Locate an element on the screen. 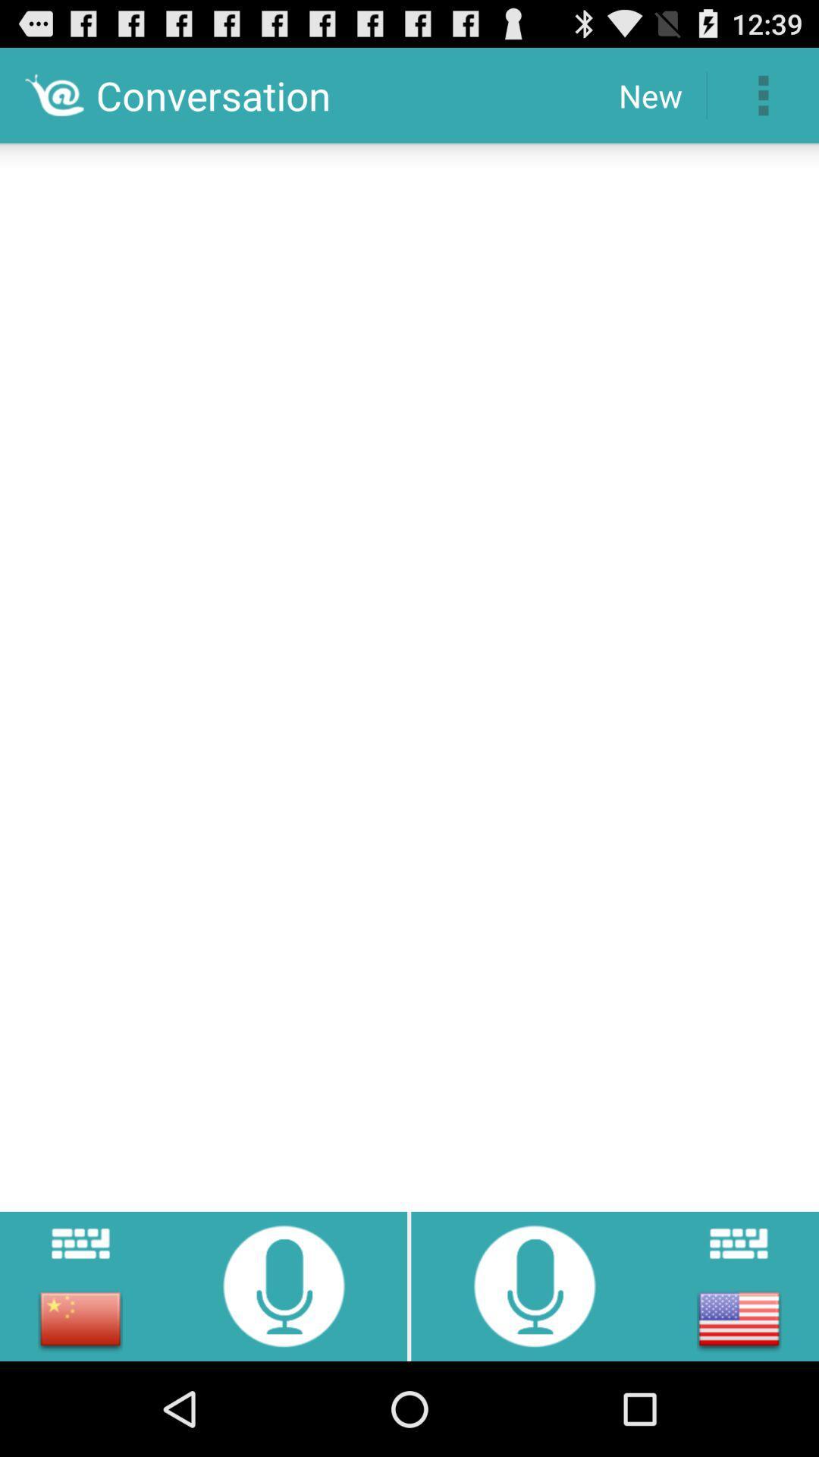  enable keyboard is located at coordinates (738, 1243).